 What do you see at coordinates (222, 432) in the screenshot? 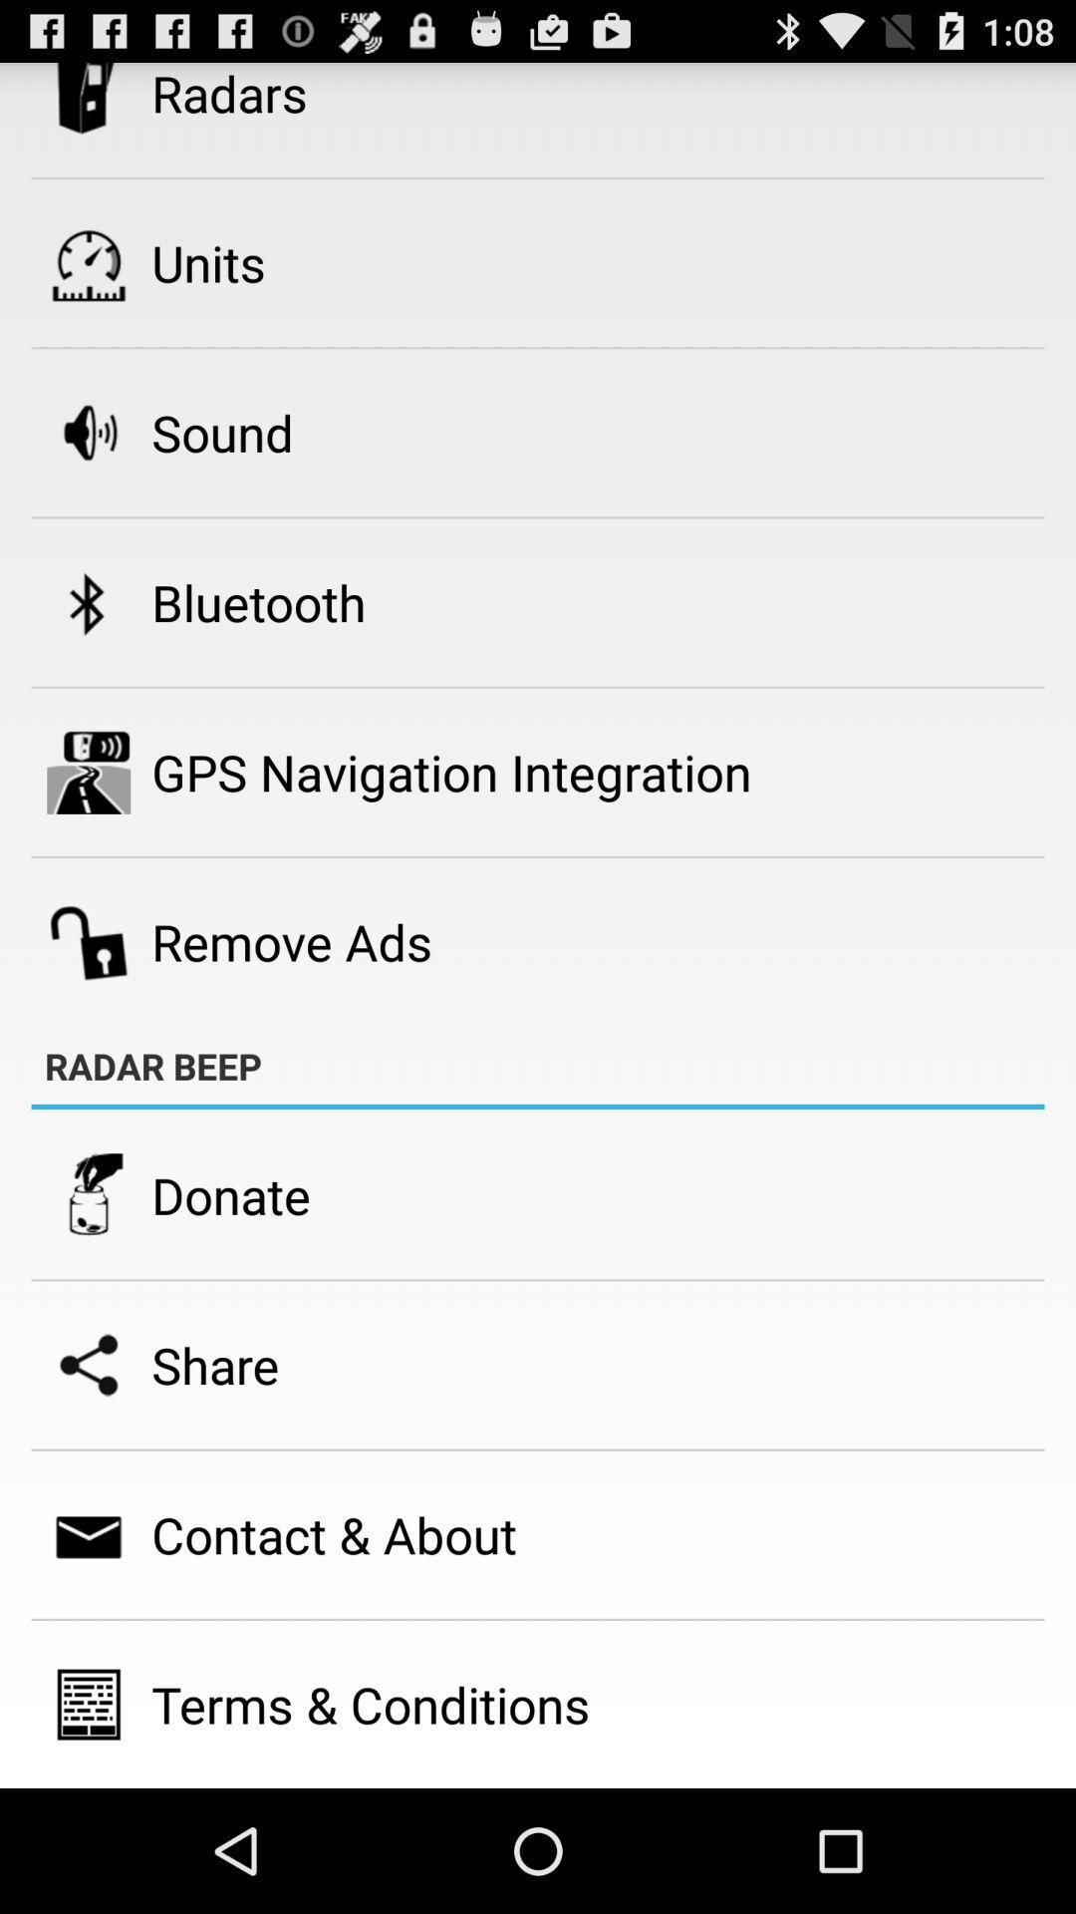
I see `the sound icon` at bounding box center [222, 432].